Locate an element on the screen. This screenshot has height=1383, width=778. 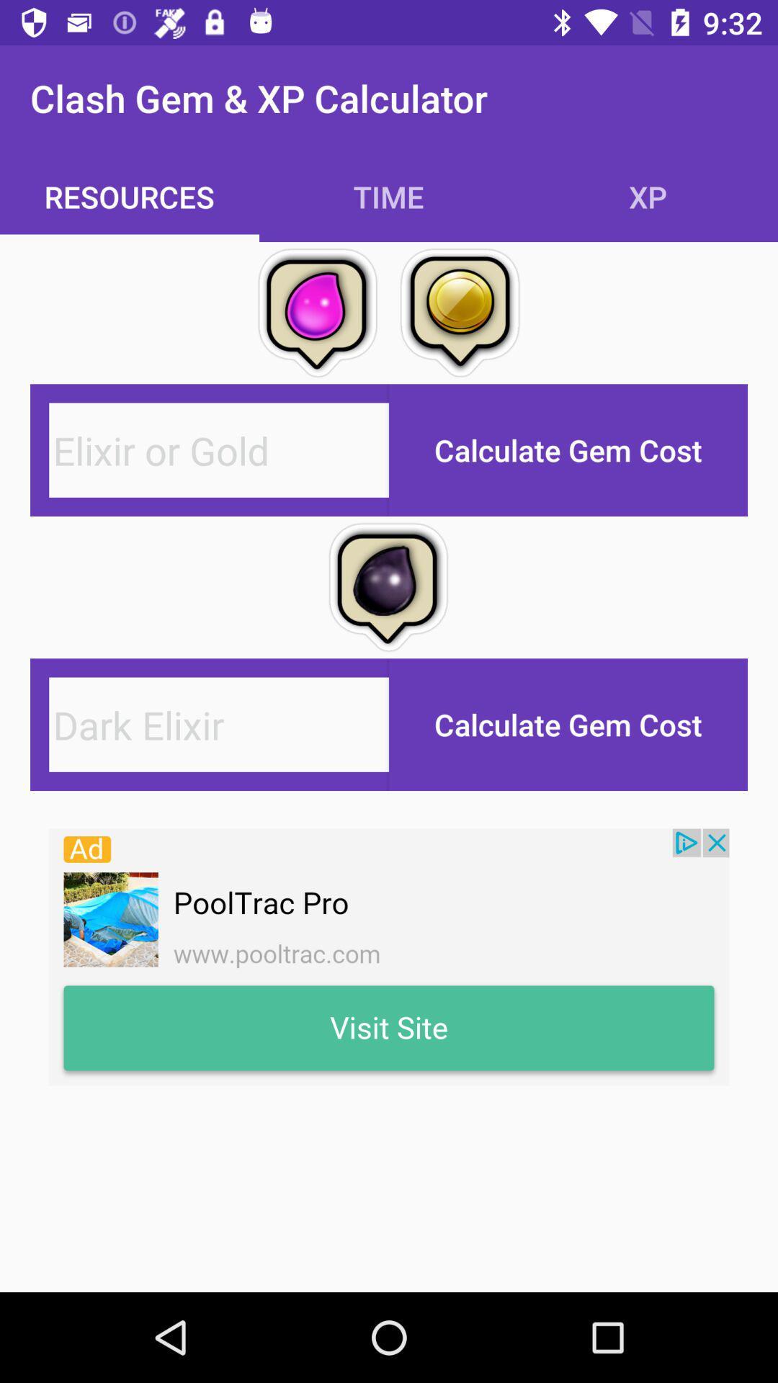
formula page is located at coordinates (219, 449).